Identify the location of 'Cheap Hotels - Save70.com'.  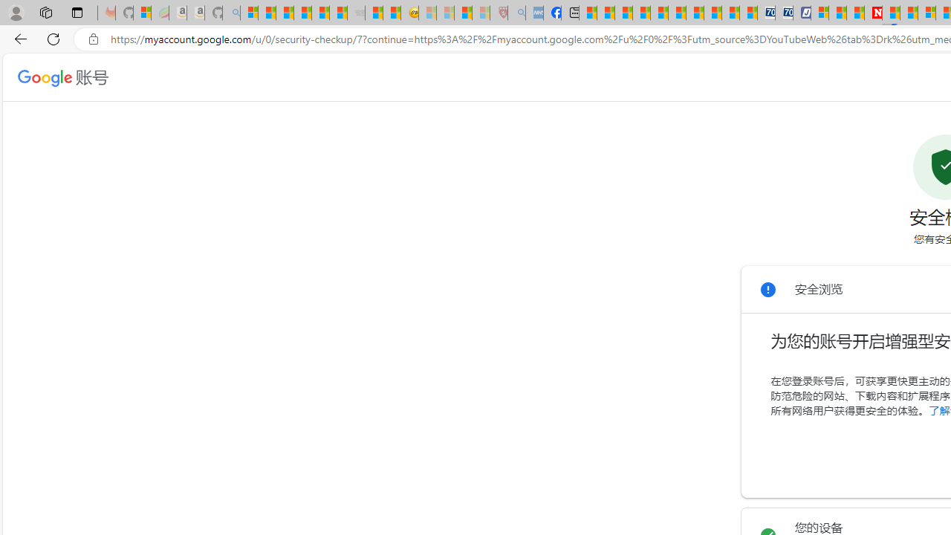
(784, 13).